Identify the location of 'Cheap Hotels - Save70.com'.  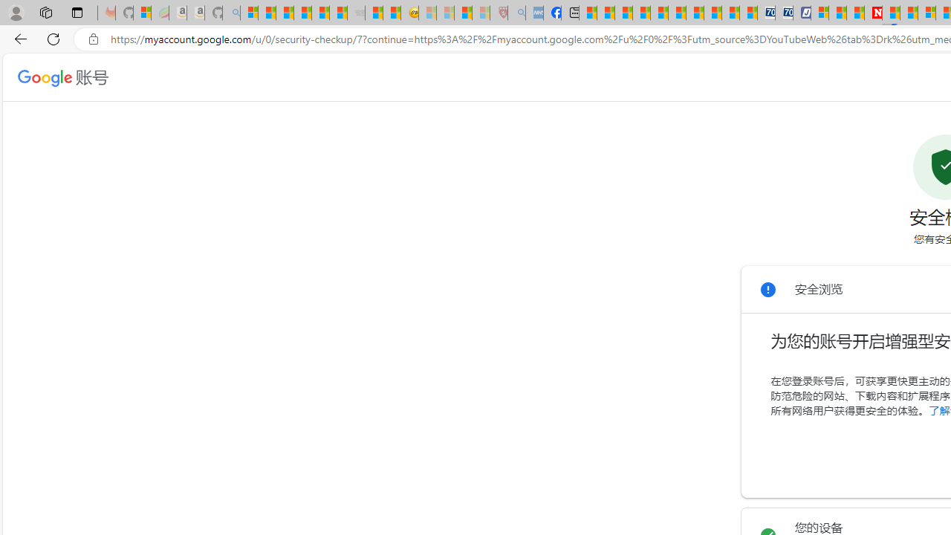
(784, 13).